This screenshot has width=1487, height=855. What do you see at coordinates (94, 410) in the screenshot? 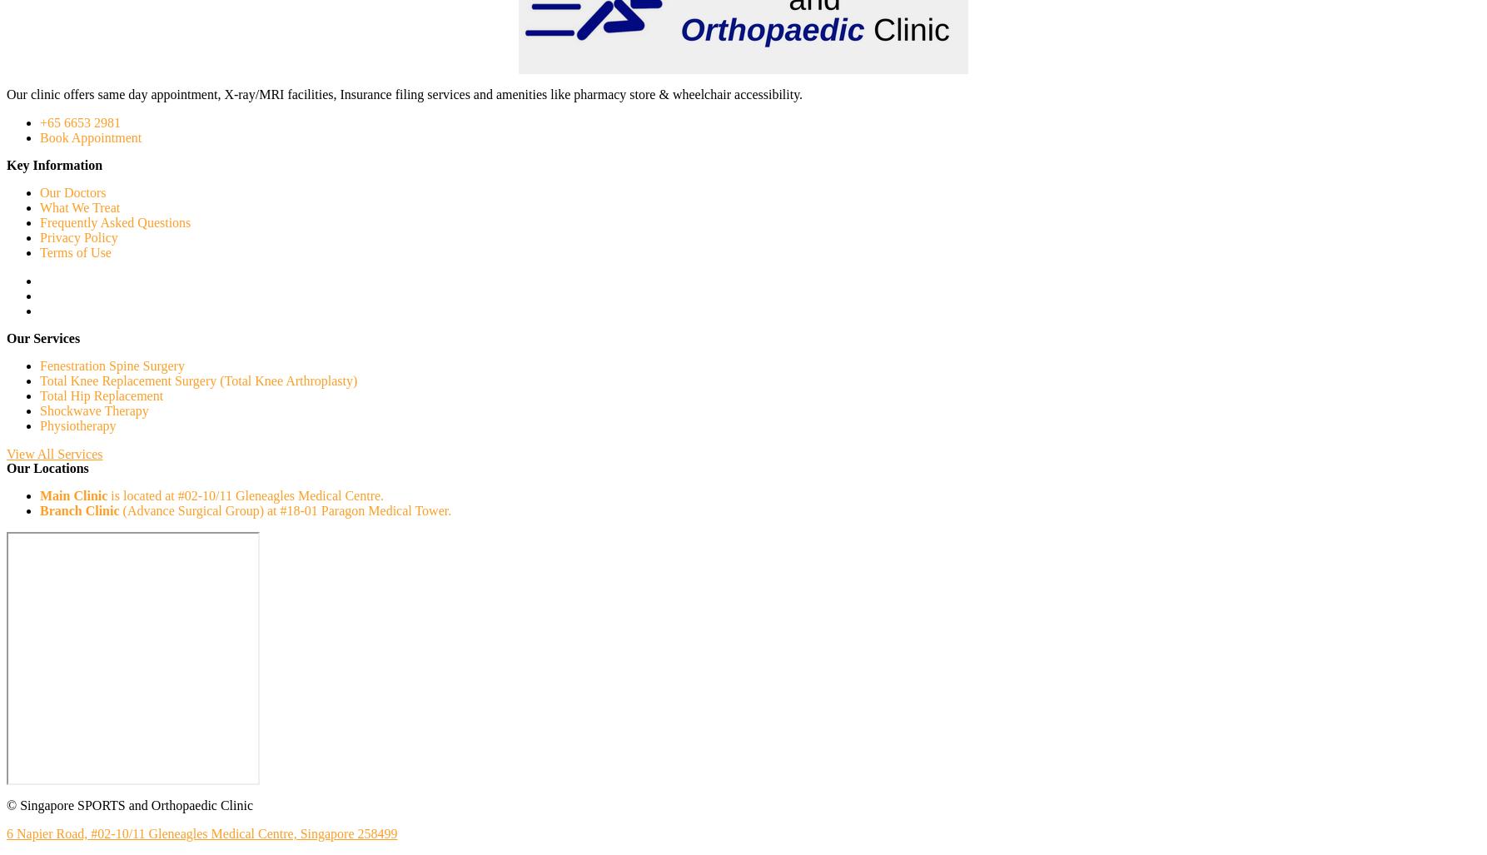
I see `'Shockwave Therapy'` at bounding box center [94, 410].